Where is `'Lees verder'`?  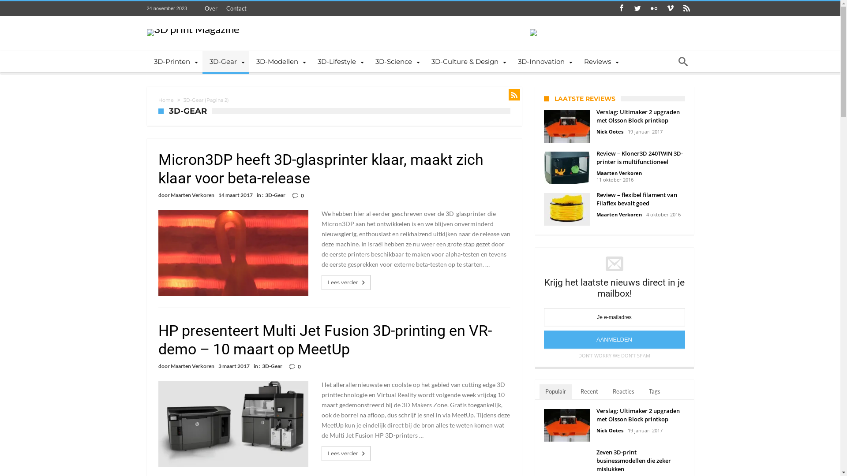
'Lees verder' is located at coordinates (327, 454).